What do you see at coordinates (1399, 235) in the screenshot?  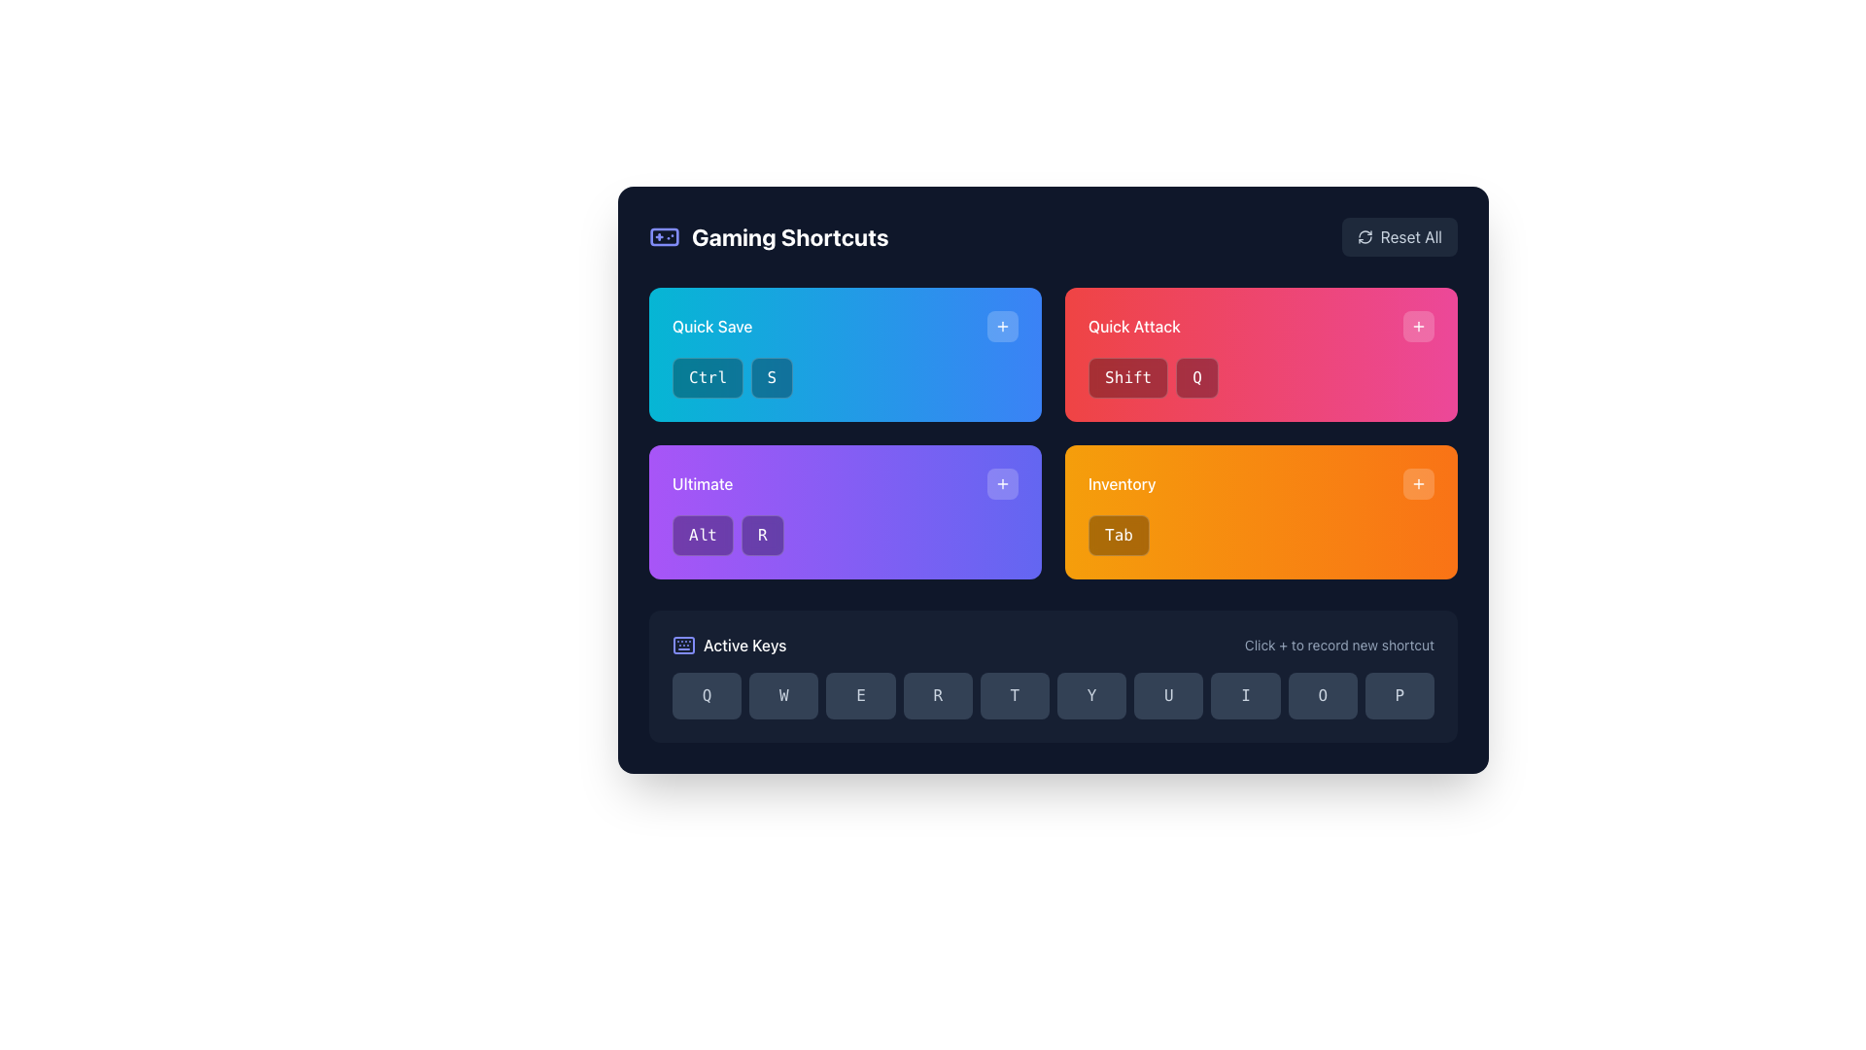 I see `the 'Reset All' button located in the top-right corner of the interface to reset the settings` at bounding box center [1399, 235].